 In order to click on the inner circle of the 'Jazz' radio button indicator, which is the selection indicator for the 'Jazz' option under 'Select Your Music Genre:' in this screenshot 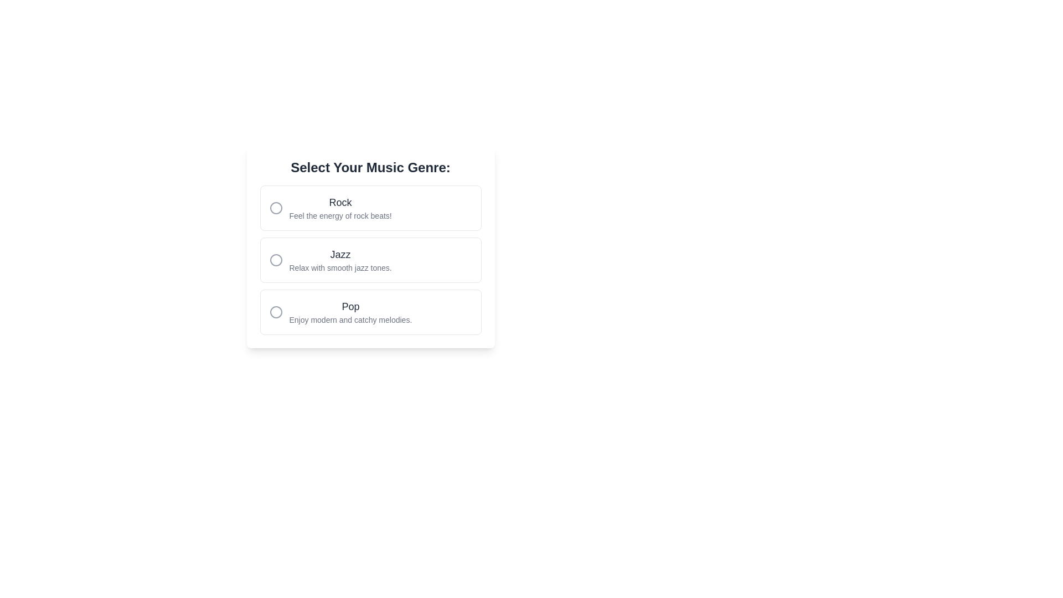, I will do `click(276, 260)`.